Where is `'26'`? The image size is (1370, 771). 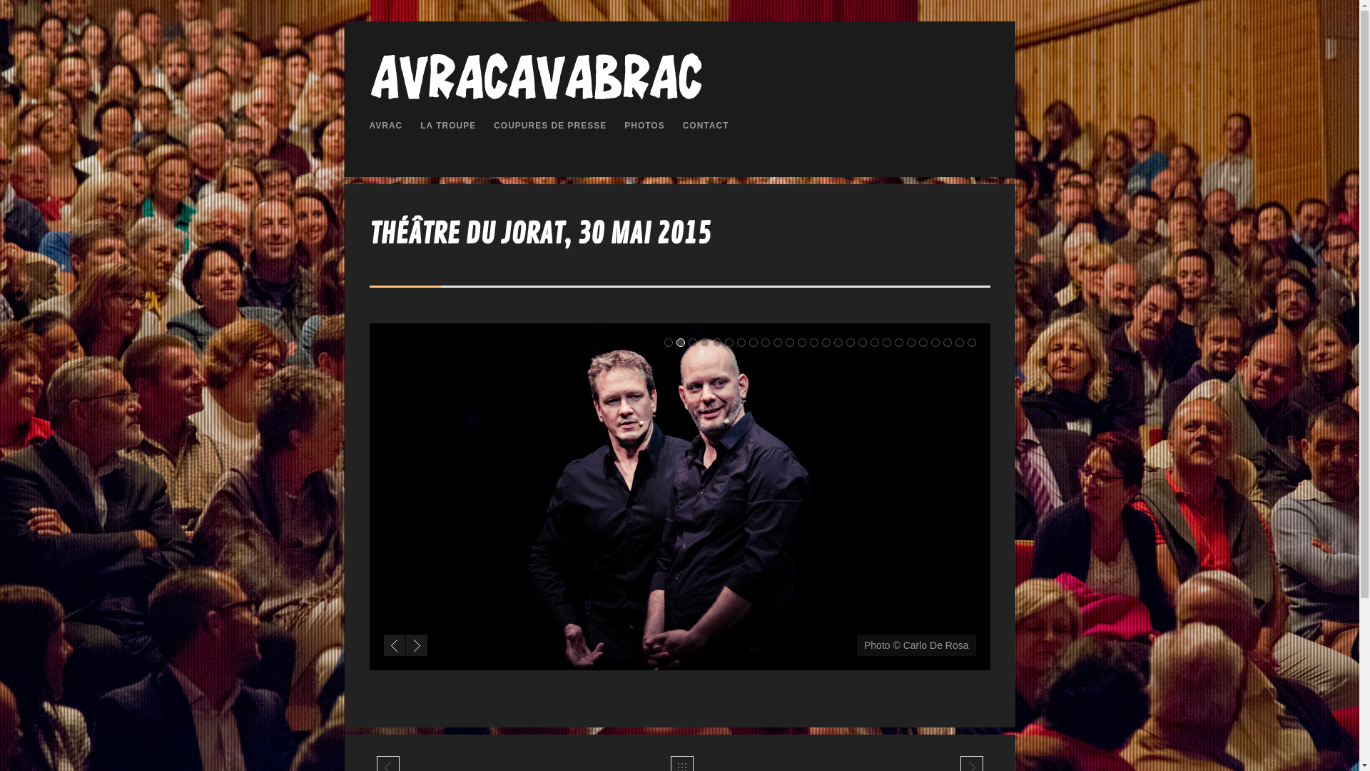 '26' is located at coordinates (971, 342).